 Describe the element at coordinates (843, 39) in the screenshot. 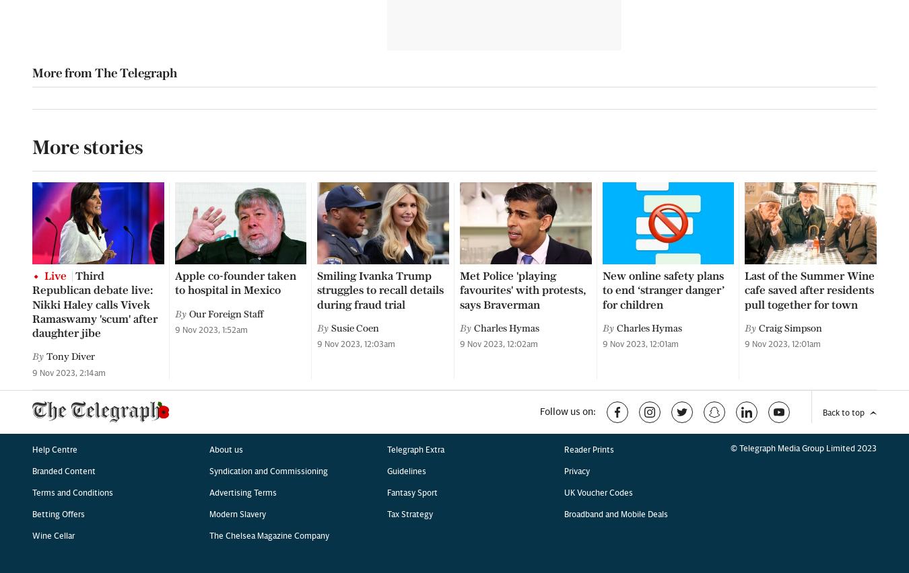

I see `'Back to top'` at that location.